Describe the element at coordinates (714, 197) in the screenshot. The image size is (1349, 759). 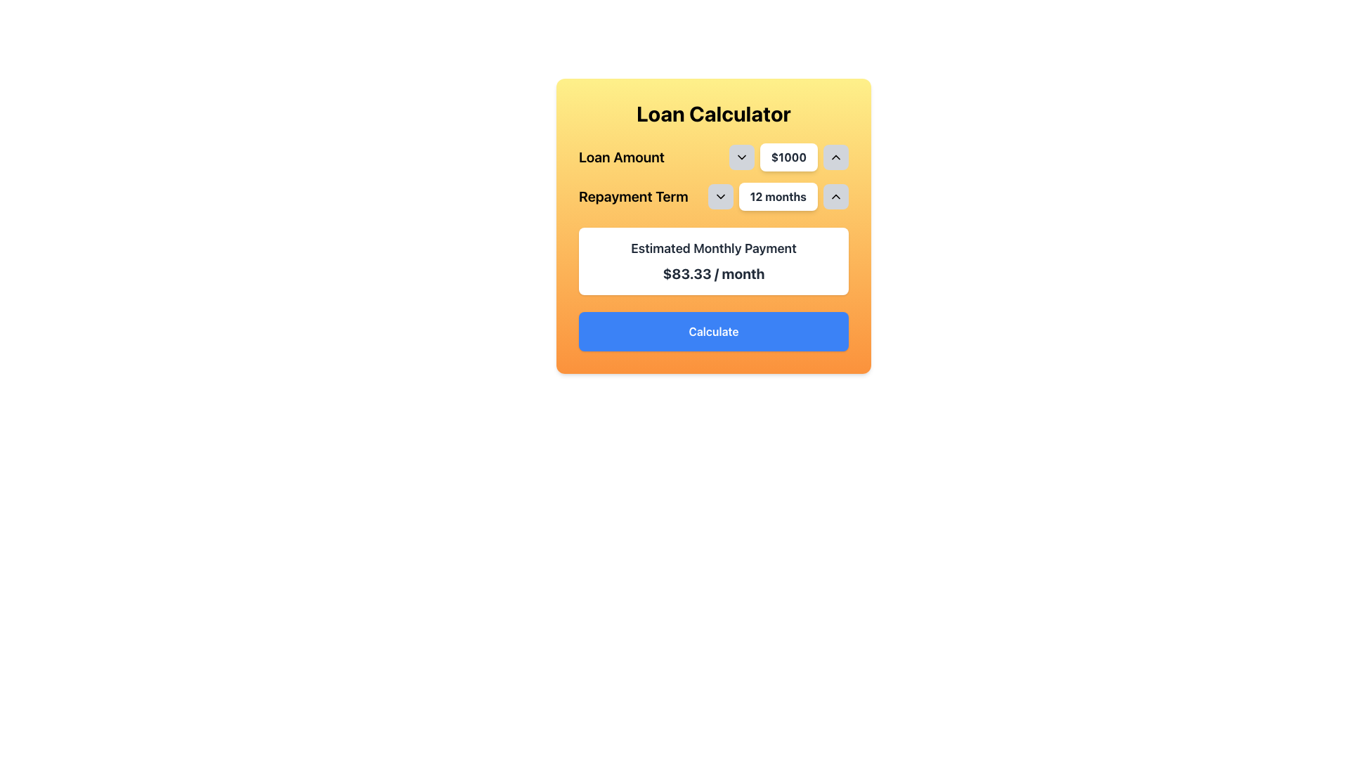
I see `the down-arrow on the 'Repayment Term' dropdown selector in the third row of the 'Loan Calculator' section to decrease the term from '12 months'` at that location.